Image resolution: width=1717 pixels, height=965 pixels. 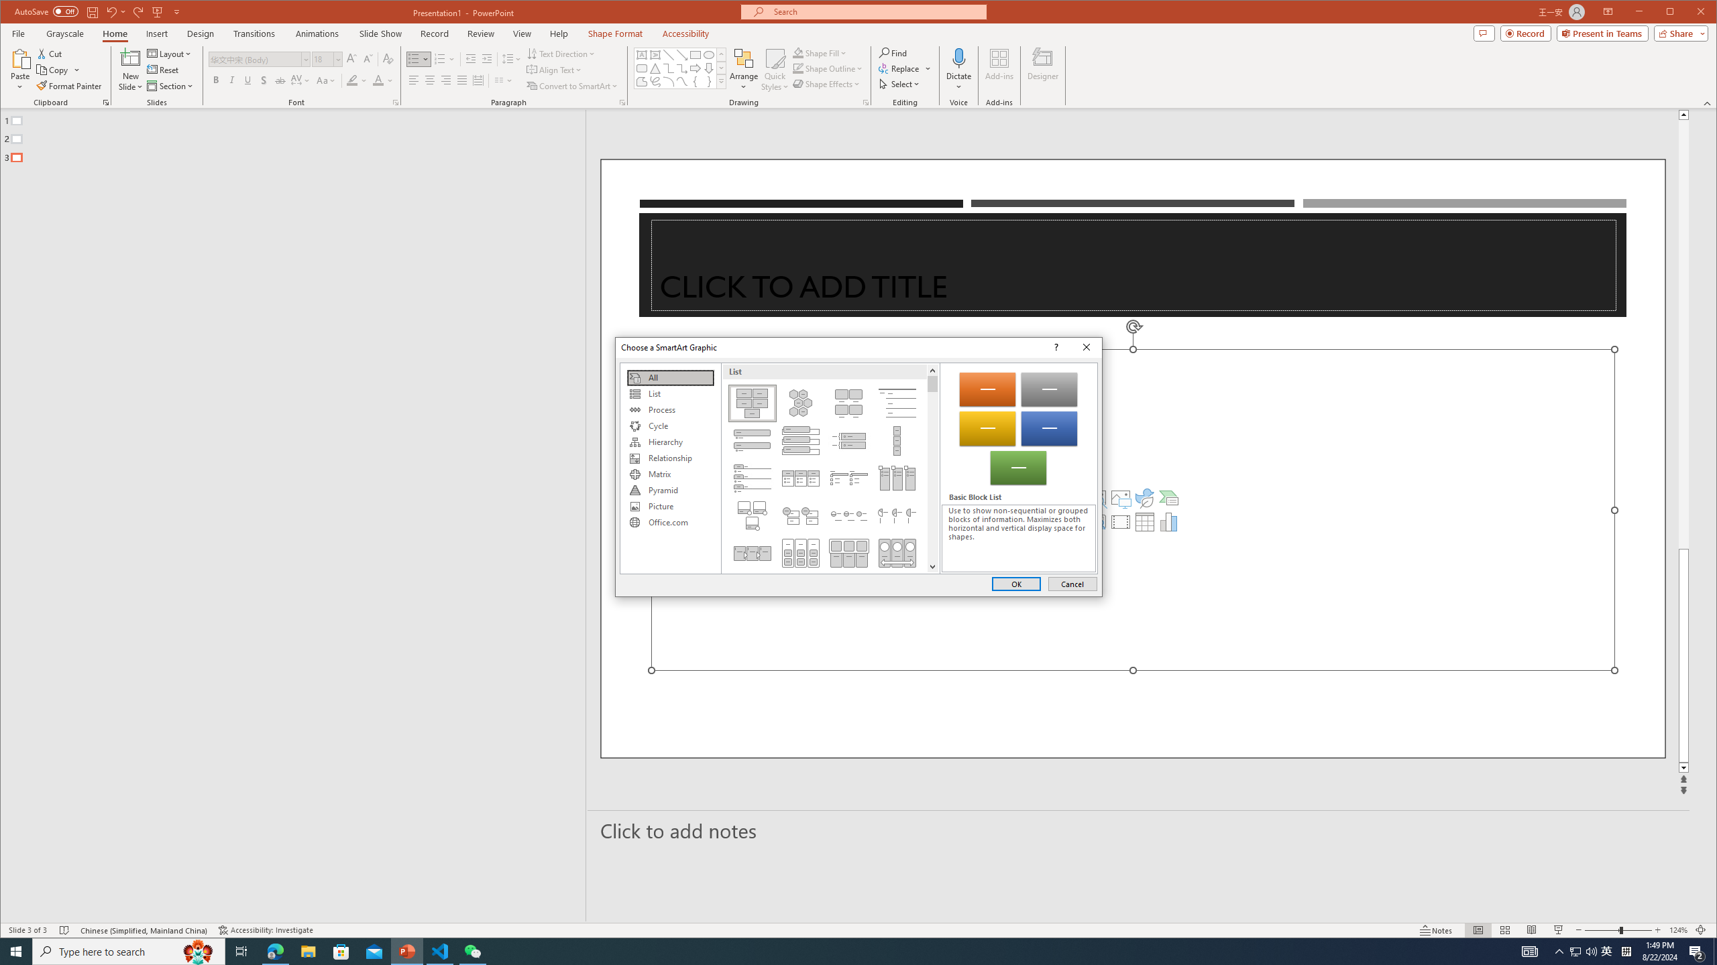 What do you see at coordinates (1017, 538) in the screenshot?
I see `'Class: NetUITextbox'` at bounding box center [1017, 538].